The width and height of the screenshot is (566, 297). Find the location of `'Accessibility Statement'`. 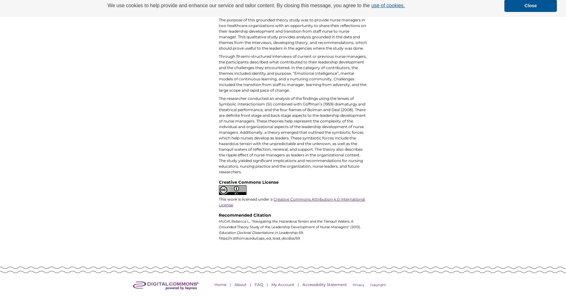

'Accessibility Statement' is located at coordinates (325, 284).